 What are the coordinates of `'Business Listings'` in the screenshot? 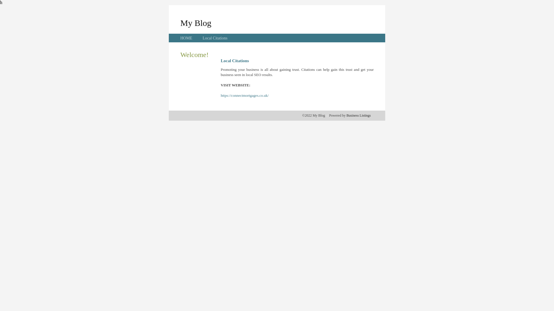 It's located at (358, 115).